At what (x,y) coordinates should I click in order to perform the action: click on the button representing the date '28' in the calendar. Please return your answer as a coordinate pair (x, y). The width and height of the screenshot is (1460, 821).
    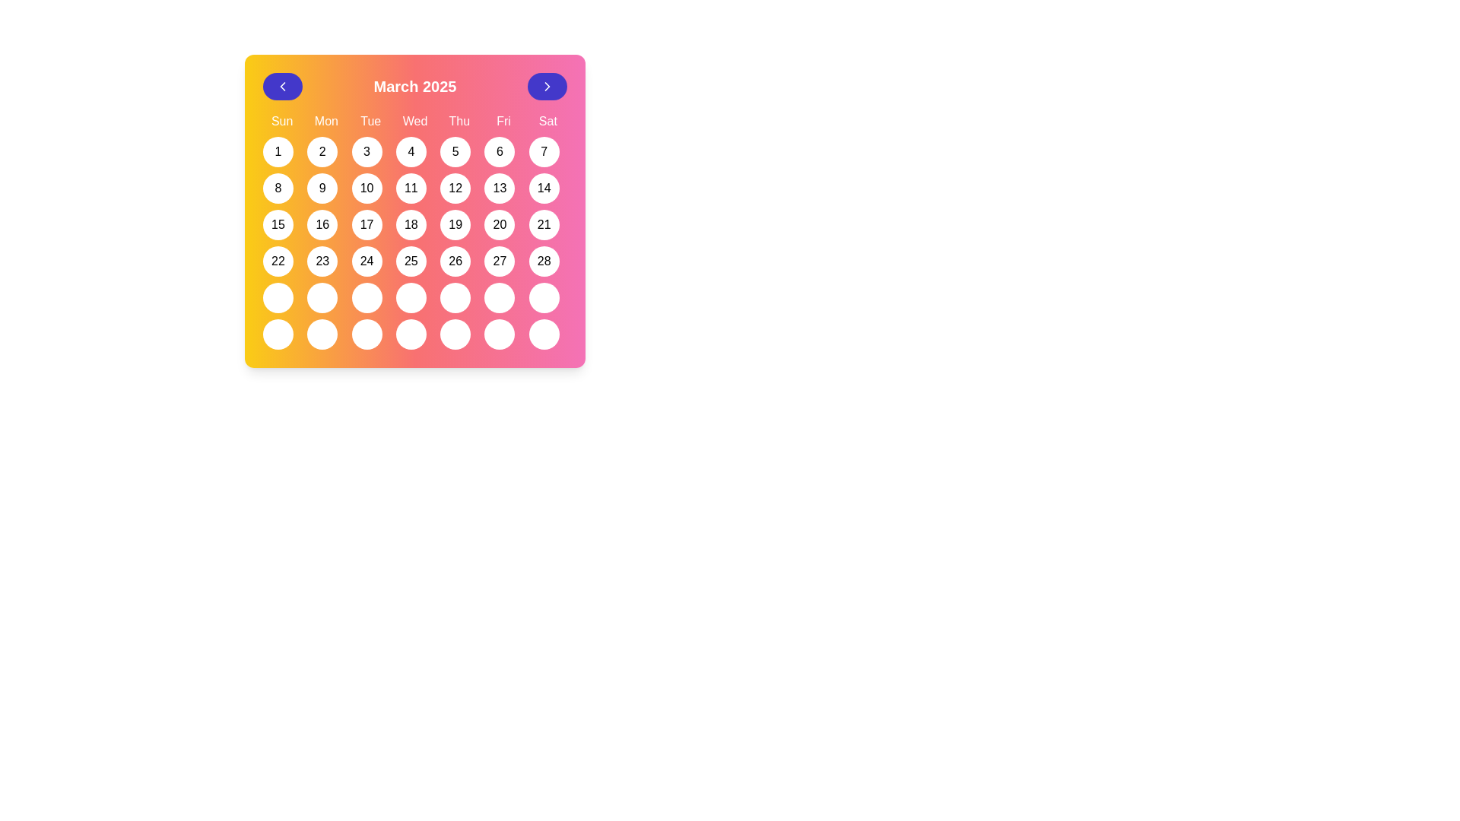
    Looking at the image, I should click on (544, 260).